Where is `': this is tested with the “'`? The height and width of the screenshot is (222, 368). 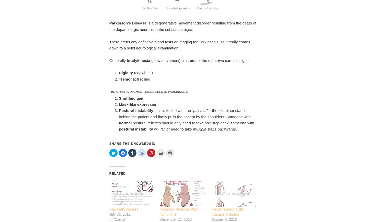
': this is tested with the “' is located at coordinates (173, 110).